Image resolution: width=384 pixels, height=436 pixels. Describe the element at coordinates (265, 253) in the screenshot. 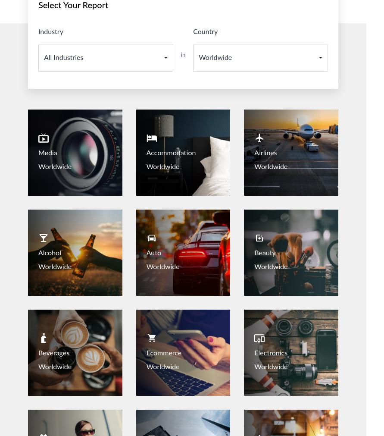

I see `'Beauty'` at that location.